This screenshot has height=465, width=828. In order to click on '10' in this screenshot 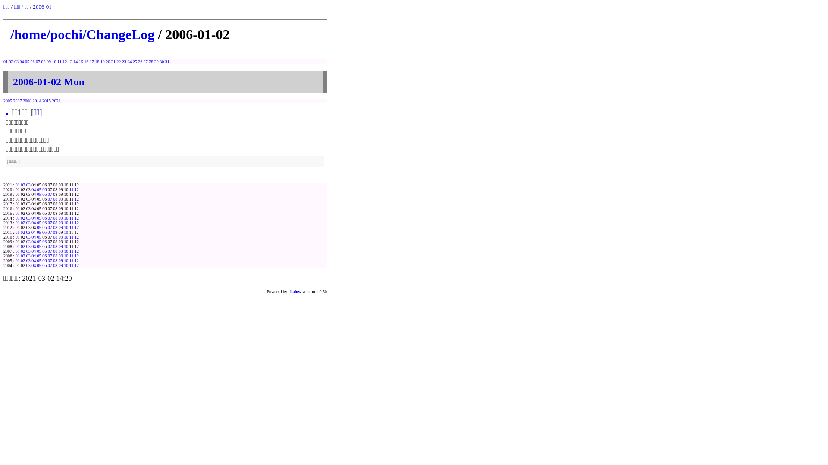, I will do `click(66, 251)`.